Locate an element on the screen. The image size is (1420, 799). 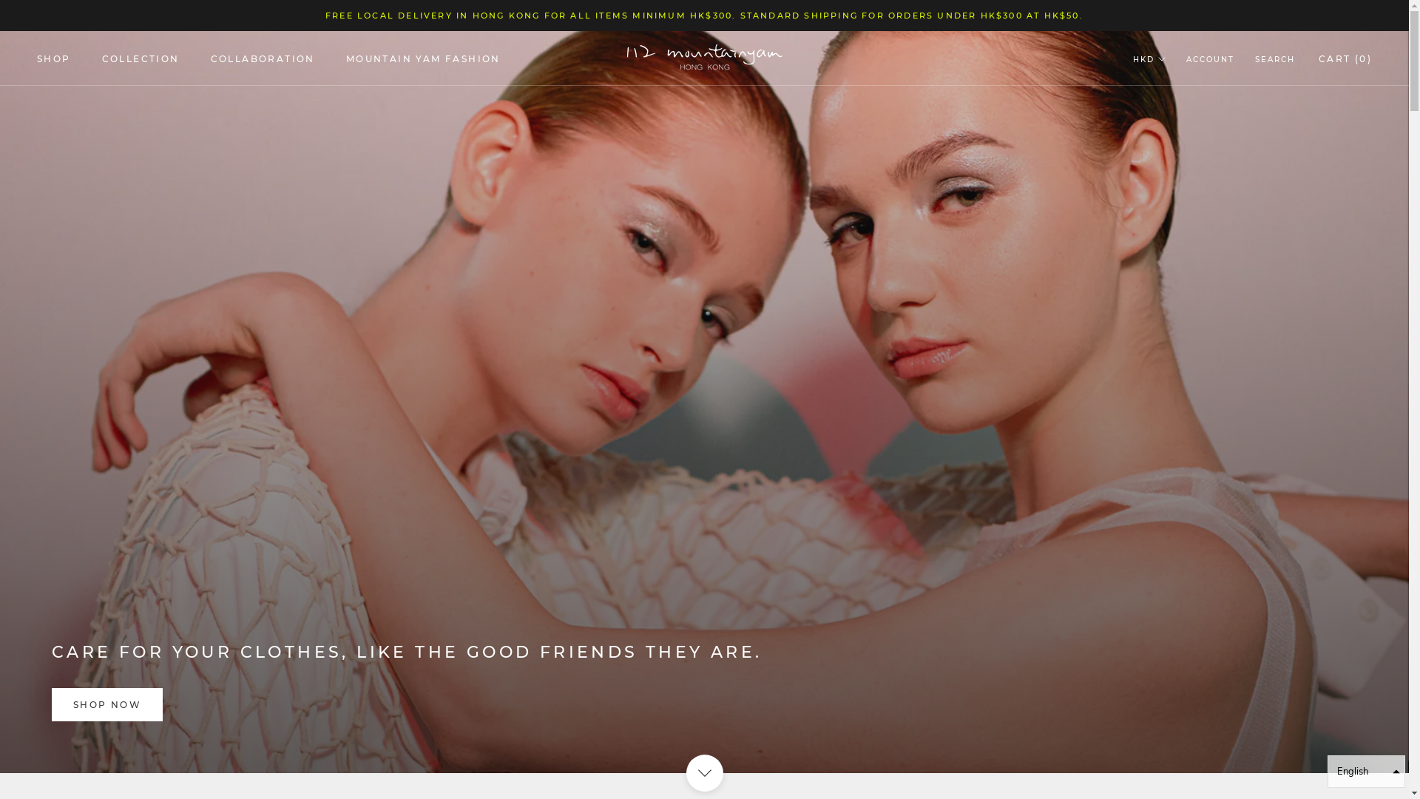
'SEARCH' is located at coordinates (1274, 59).